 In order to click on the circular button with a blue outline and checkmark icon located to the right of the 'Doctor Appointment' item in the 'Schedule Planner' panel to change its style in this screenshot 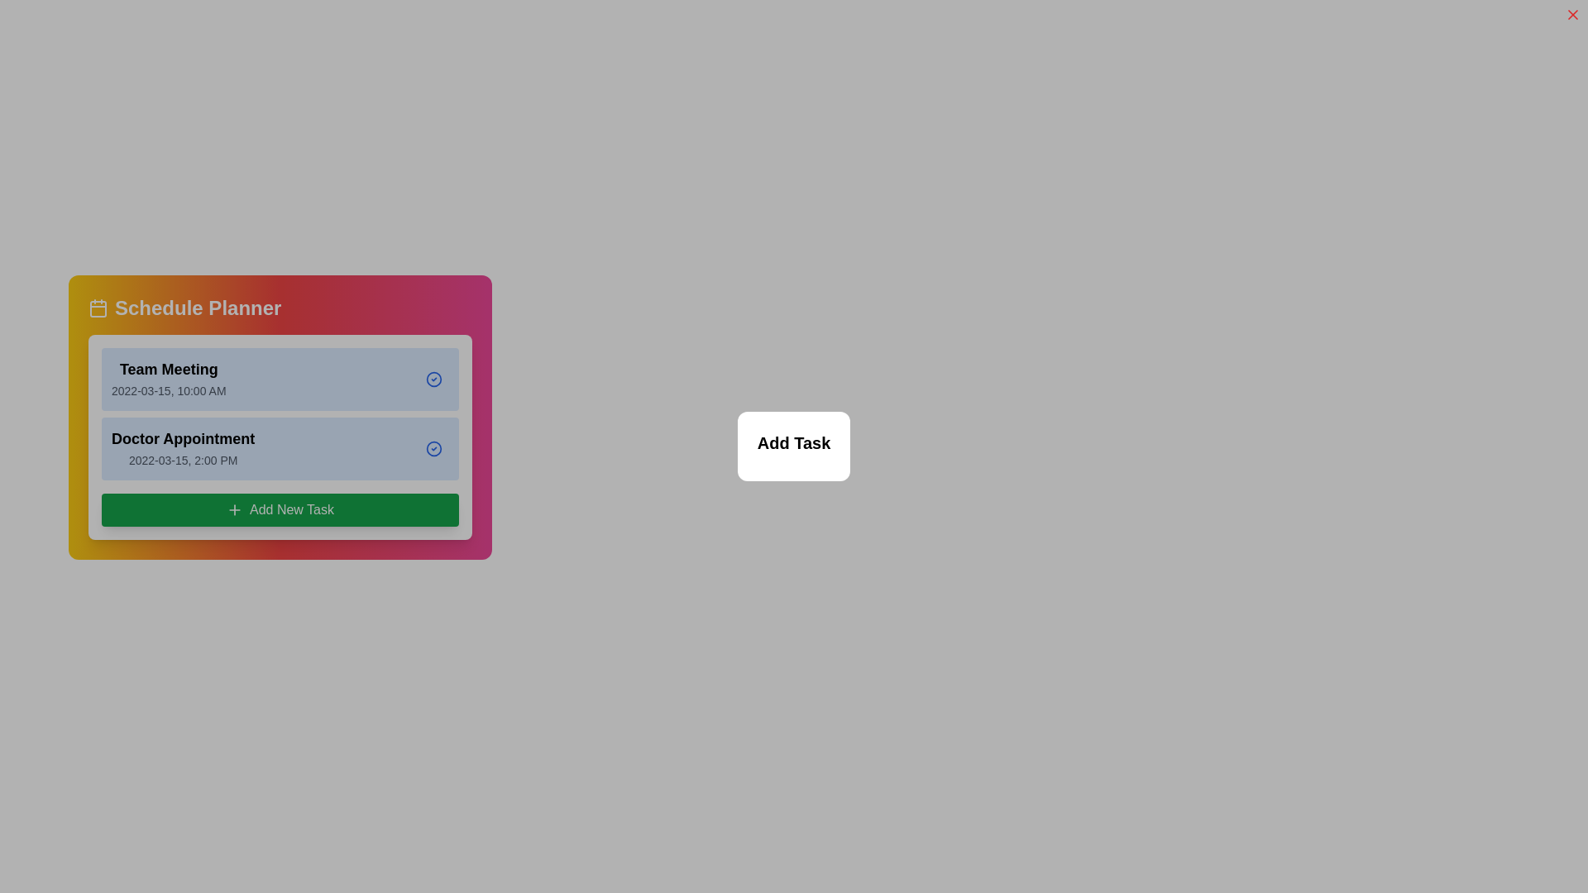, I will do `click(433, 449)`.